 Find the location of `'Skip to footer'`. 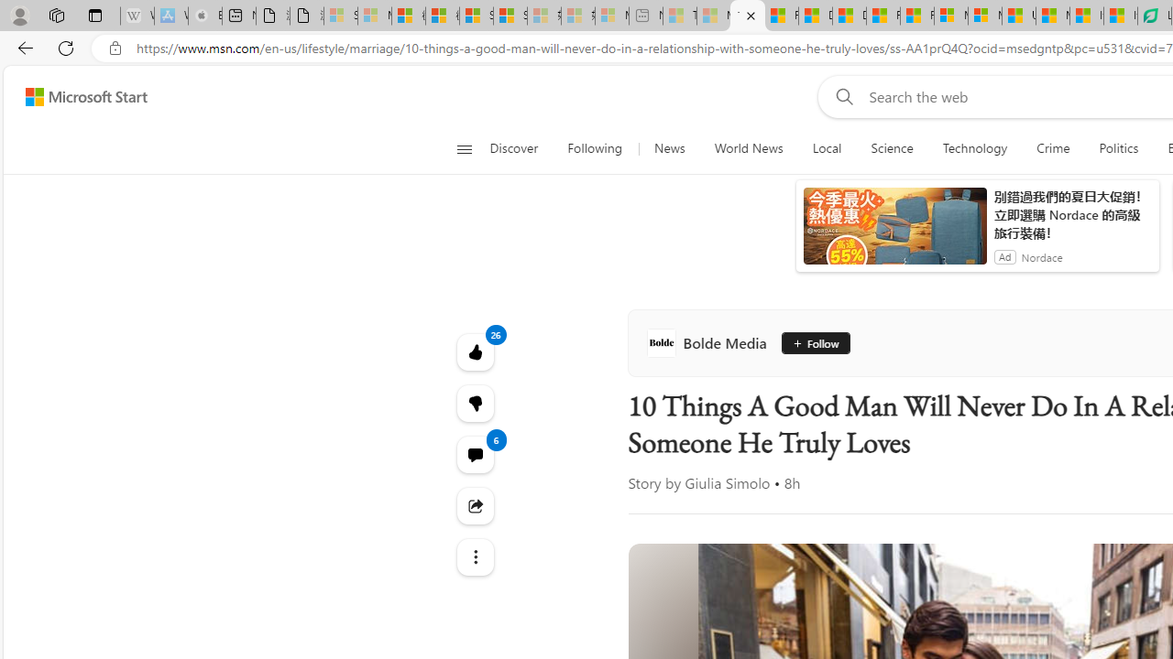

'Skip to footer' is located at coordinates (74, 96).